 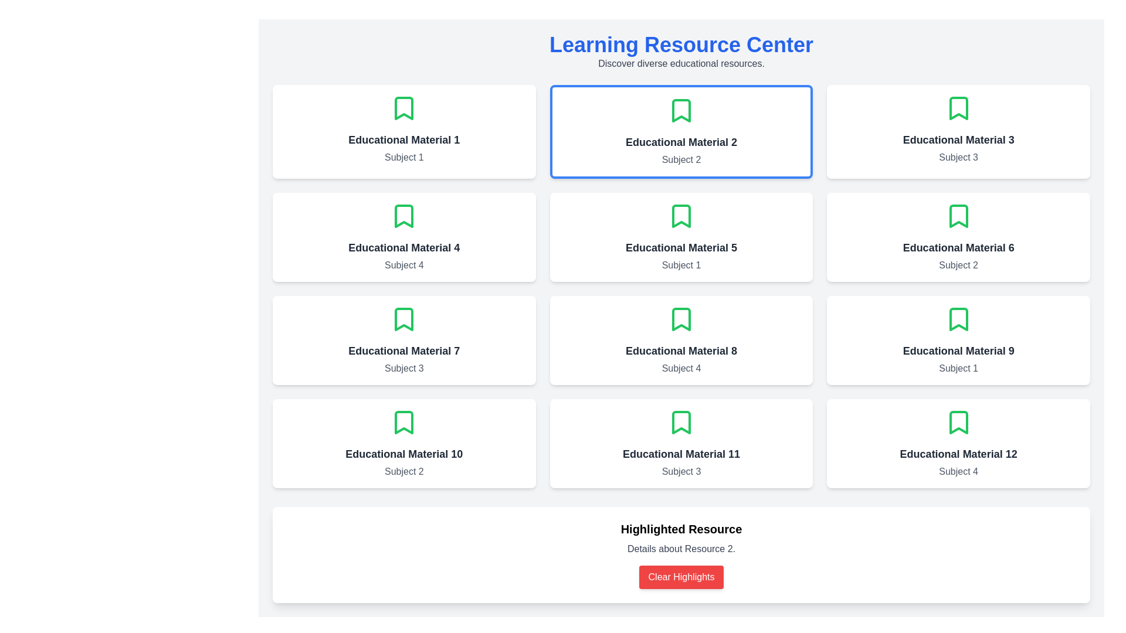 What do you see at coordinates (958, 423) in the screenshot?
I see `the green bookmark-shaped icon at the top center of the card labeled 'Educational Material 12'` at bounding box center [958, 423].